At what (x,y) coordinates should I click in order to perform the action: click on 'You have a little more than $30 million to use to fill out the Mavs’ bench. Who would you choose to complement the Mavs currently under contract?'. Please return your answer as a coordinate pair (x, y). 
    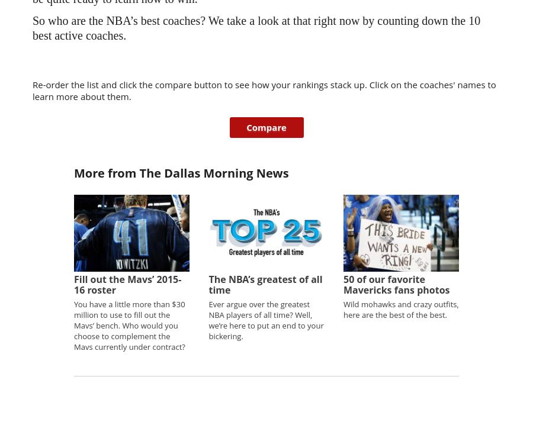
    Looking at the image, I should click on (129, 324).